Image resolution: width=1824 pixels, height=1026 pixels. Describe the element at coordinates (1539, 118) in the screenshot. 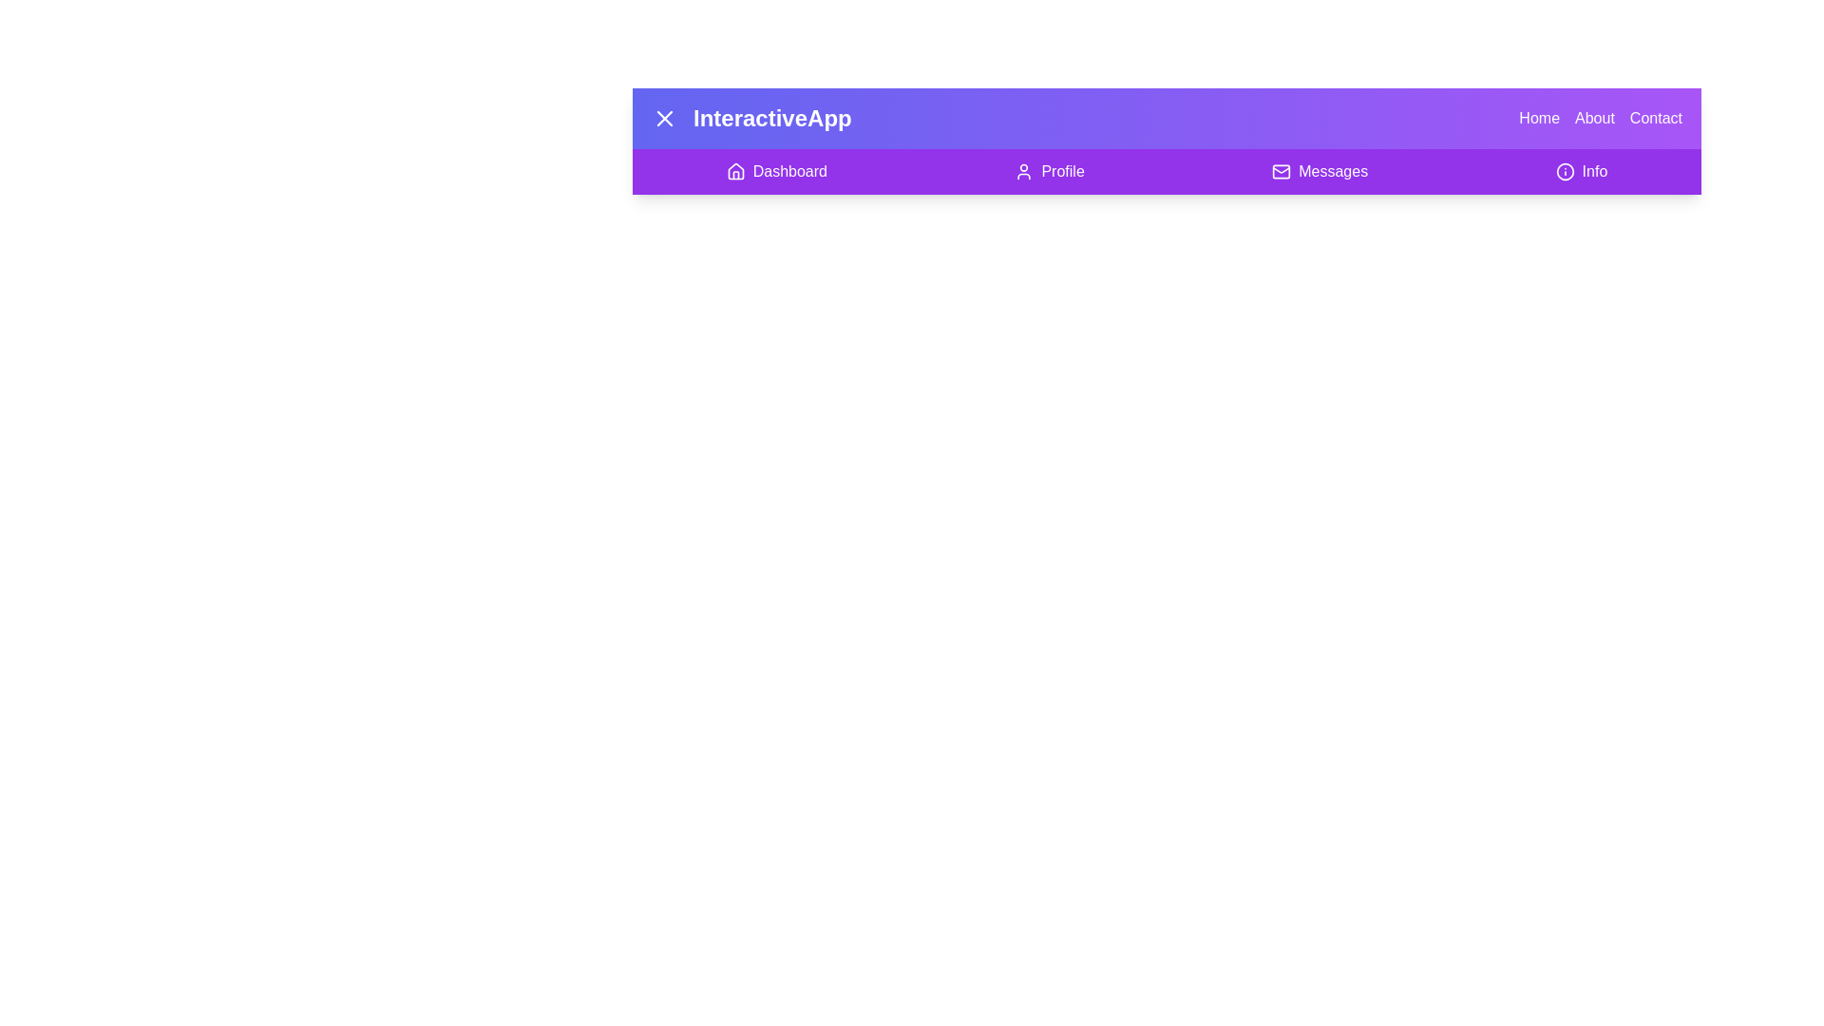

I see `the button labeled Home to observe its hover effect` at that location.